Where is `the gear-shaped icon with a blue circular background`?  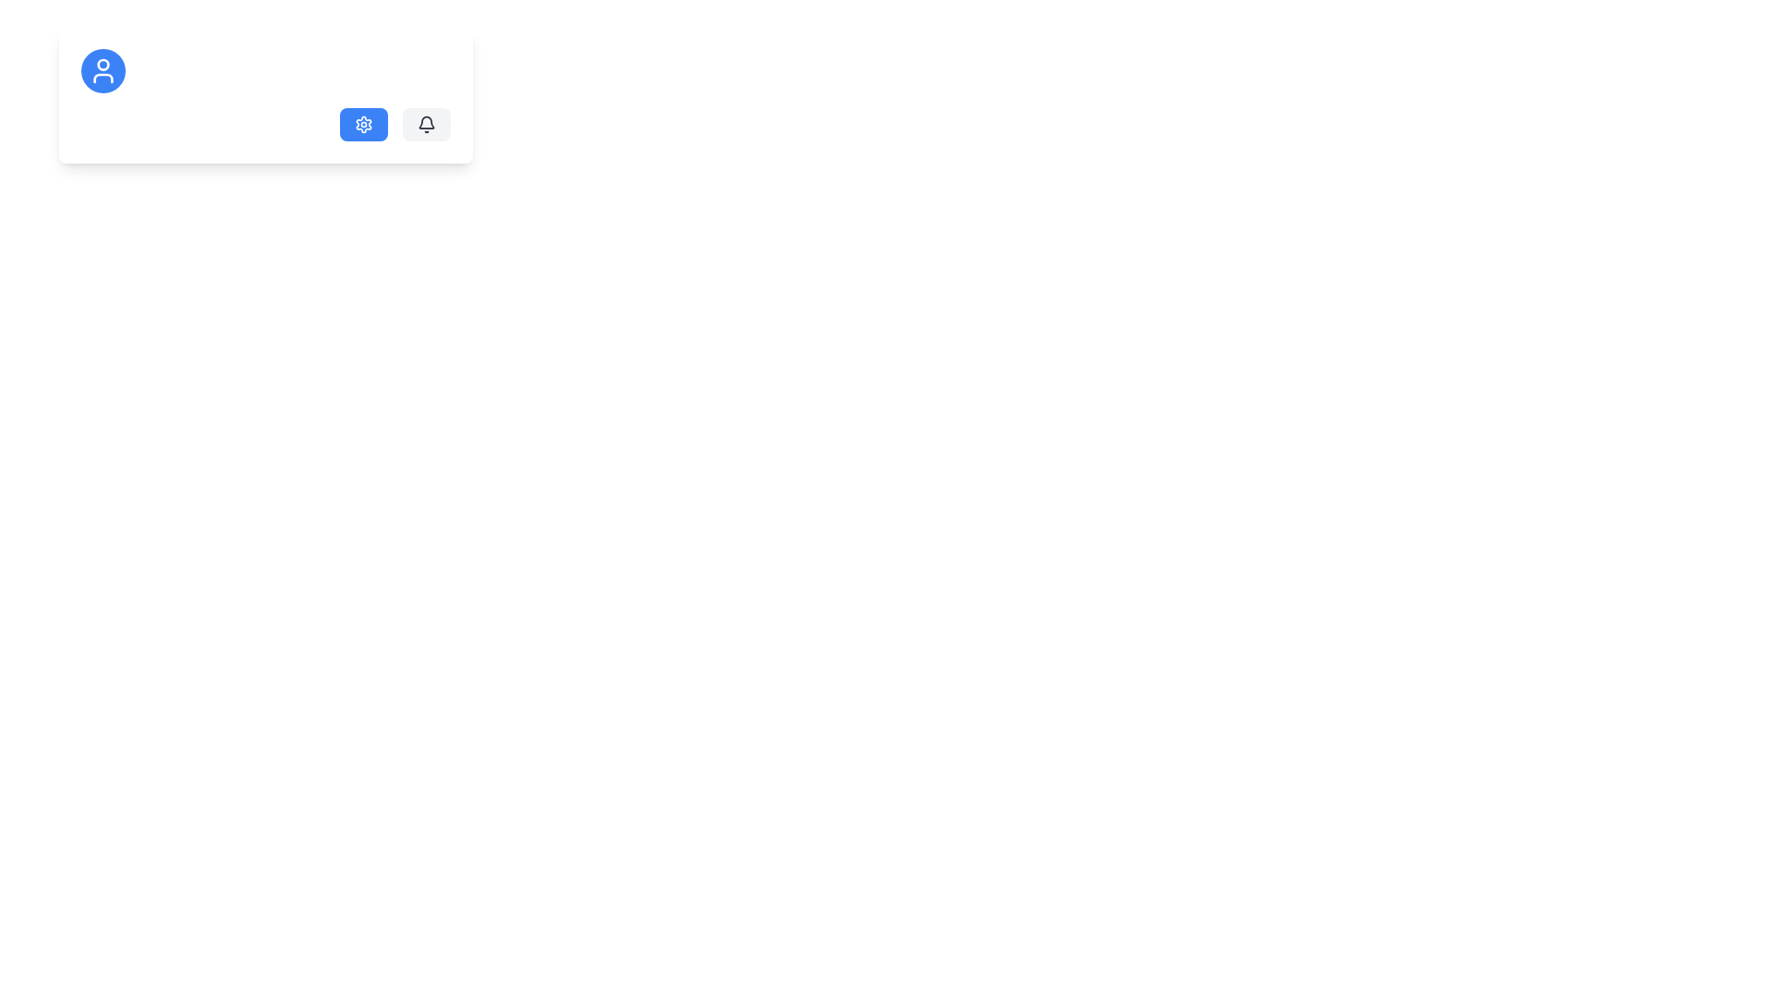
the gear-shaped icon with a blue circular background is located at coordinates (363, 125).